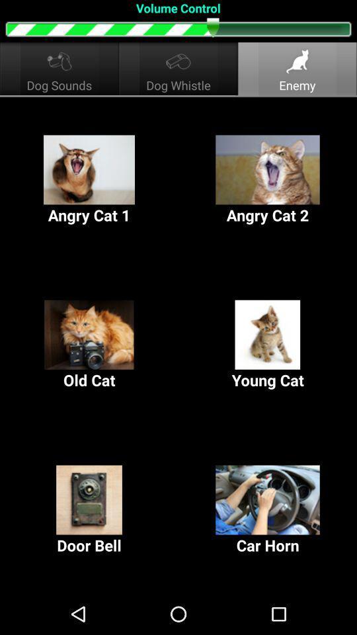 The height and width of the screenshot is (635, 357). What do you see at coordinates (89, 345) in the screenshot?
I see `old cat icon` at bounding box center [89, 345].